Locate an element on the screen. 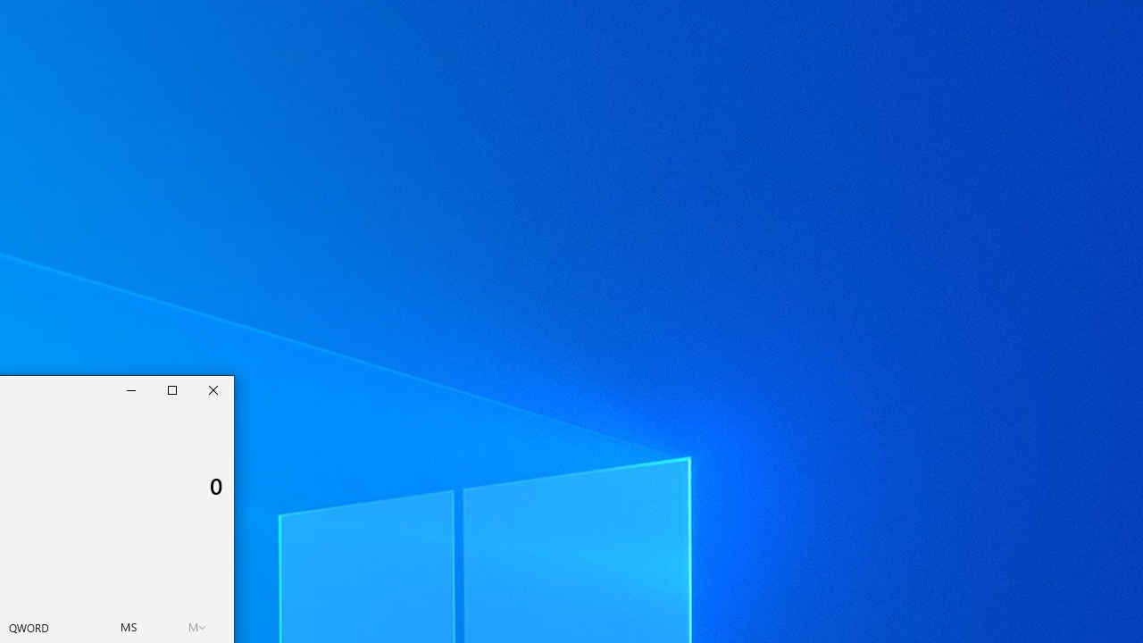 The height and width of the screenshot is (643, 1143). 'Open memory flyout' is located at coordinates (197, 626).